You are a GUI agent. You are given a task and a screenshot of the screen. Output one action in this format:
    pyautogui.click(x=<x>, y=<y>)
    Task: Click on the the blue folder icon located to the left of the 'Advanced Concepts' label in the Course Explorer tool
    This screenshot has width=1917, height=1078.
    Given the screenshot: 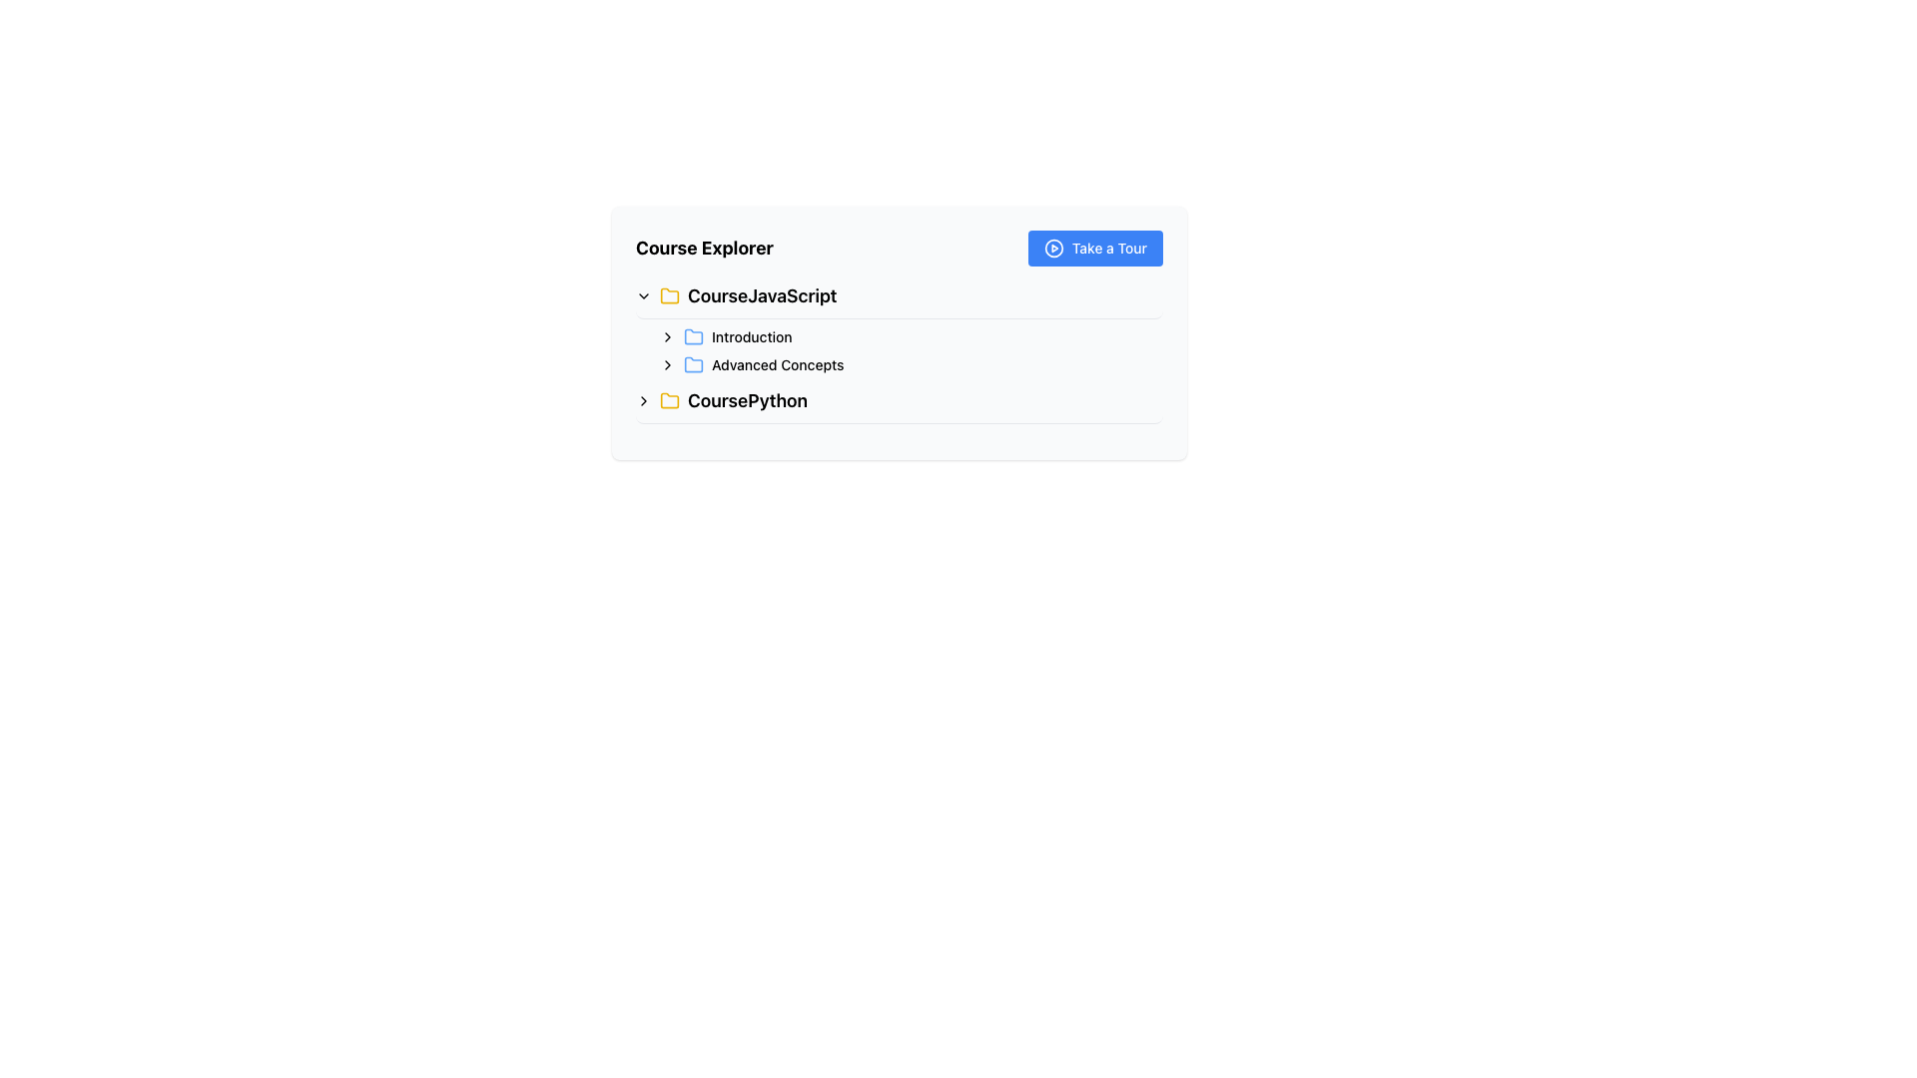 What is the action you would take?
    pyautogui.click(x=694, y=364)
    